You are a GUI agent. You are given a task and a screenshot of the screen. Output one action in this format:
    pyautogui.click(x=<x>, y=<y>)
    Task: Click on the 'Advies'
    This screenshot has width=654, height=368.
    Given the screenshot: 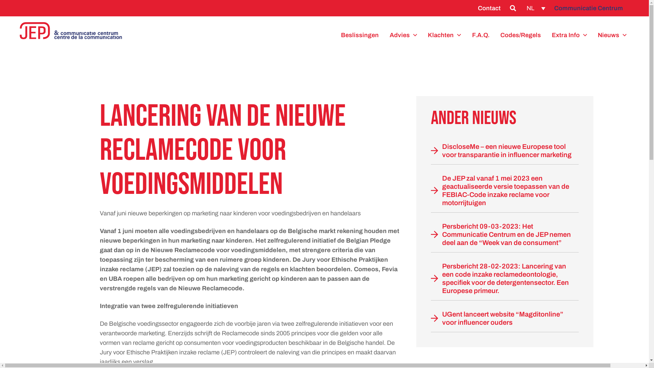 What is the action you would take?
    pyautogui.click(x=403, y=35)
    